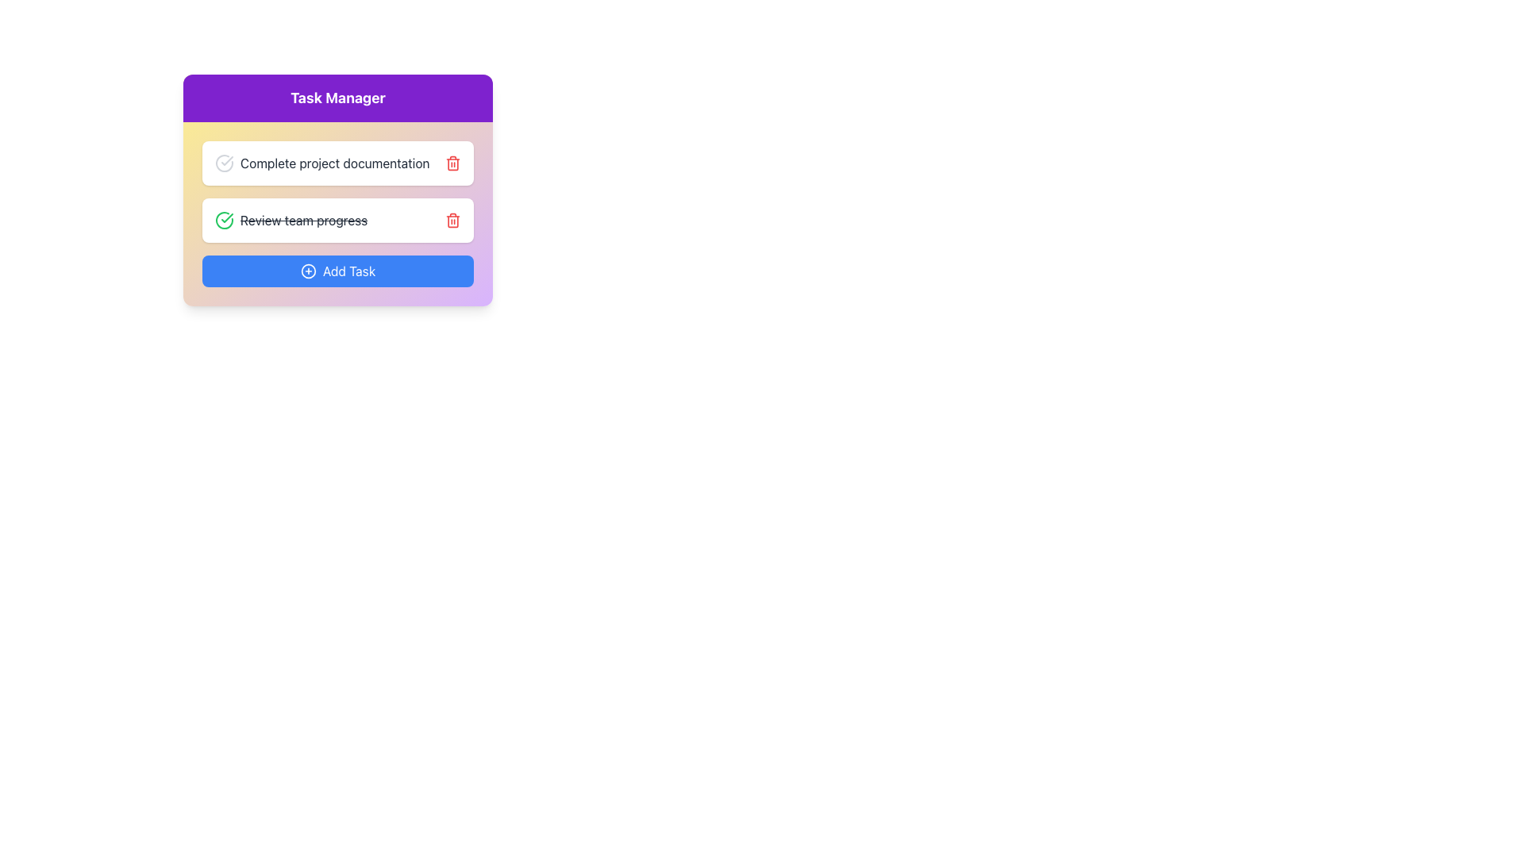  Describe the element at coordinates (337, 271) in the screenshot. I see `the button that allows users to add a new task to the list, located at the bottom of the task manager card` at that location.